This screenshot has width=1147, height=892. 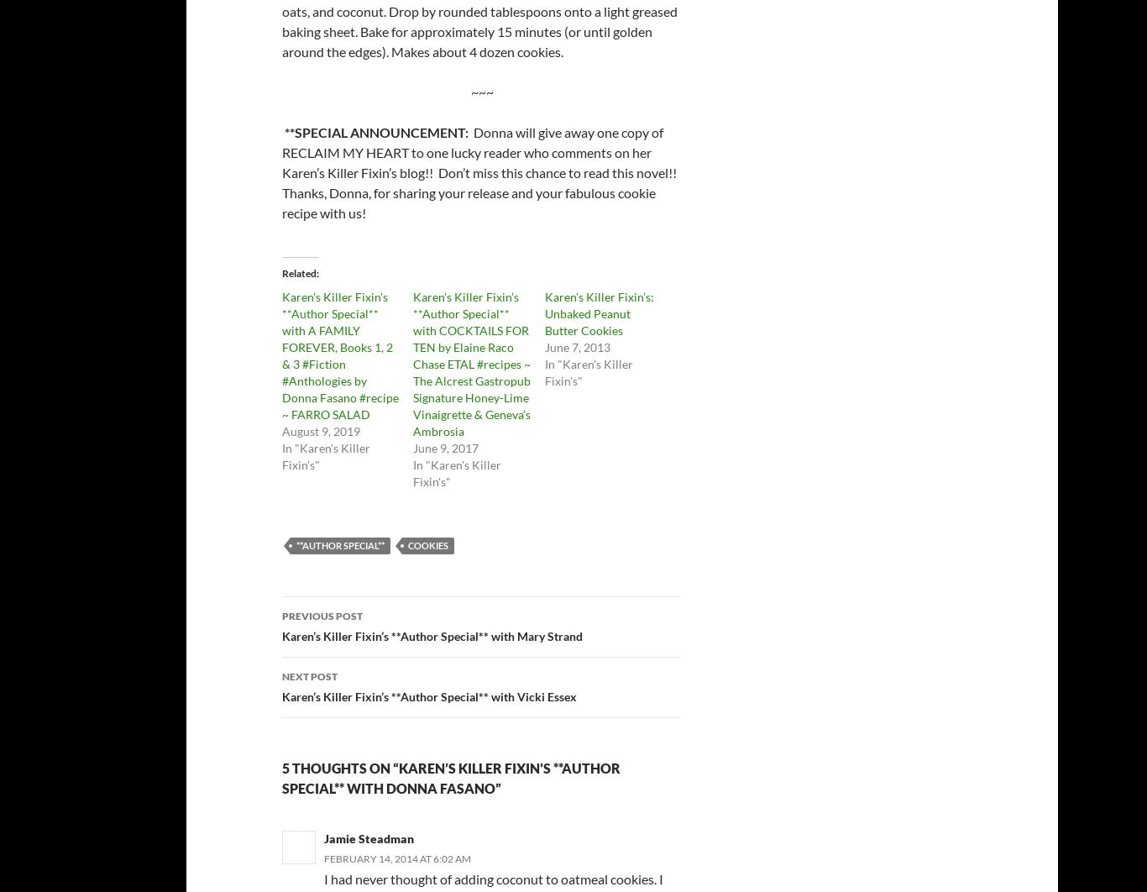 What do you see at coordinates (368, 837) in the screenshot?
I see `'Jamie Steadman'` at bounding box center [368, 837].